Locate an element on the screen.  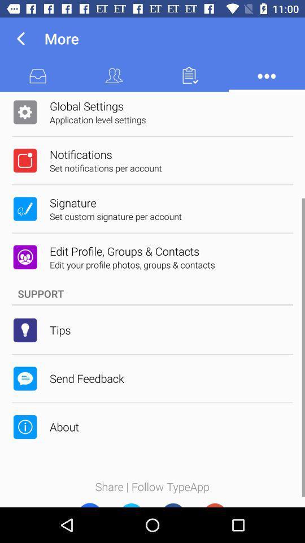
icon below the share | follow typeapp is located at coordinates (89, 502).